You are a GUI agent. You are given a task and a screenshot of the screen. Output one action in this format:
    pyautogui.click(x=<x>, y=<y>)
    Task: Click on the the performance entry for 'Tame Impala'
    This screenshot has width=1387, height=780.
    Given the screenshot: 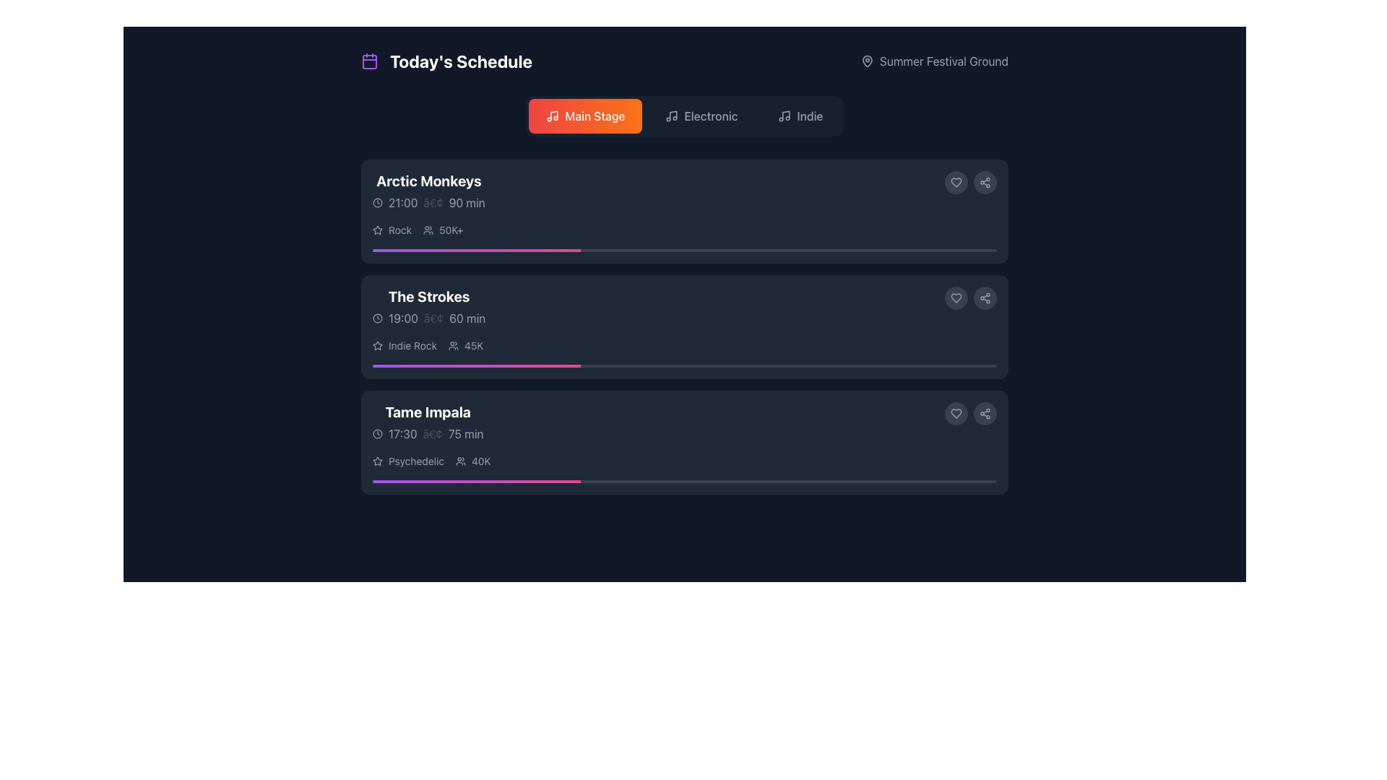 What is the action you would take?
    pyautogui.click(x=684, y=422)
    